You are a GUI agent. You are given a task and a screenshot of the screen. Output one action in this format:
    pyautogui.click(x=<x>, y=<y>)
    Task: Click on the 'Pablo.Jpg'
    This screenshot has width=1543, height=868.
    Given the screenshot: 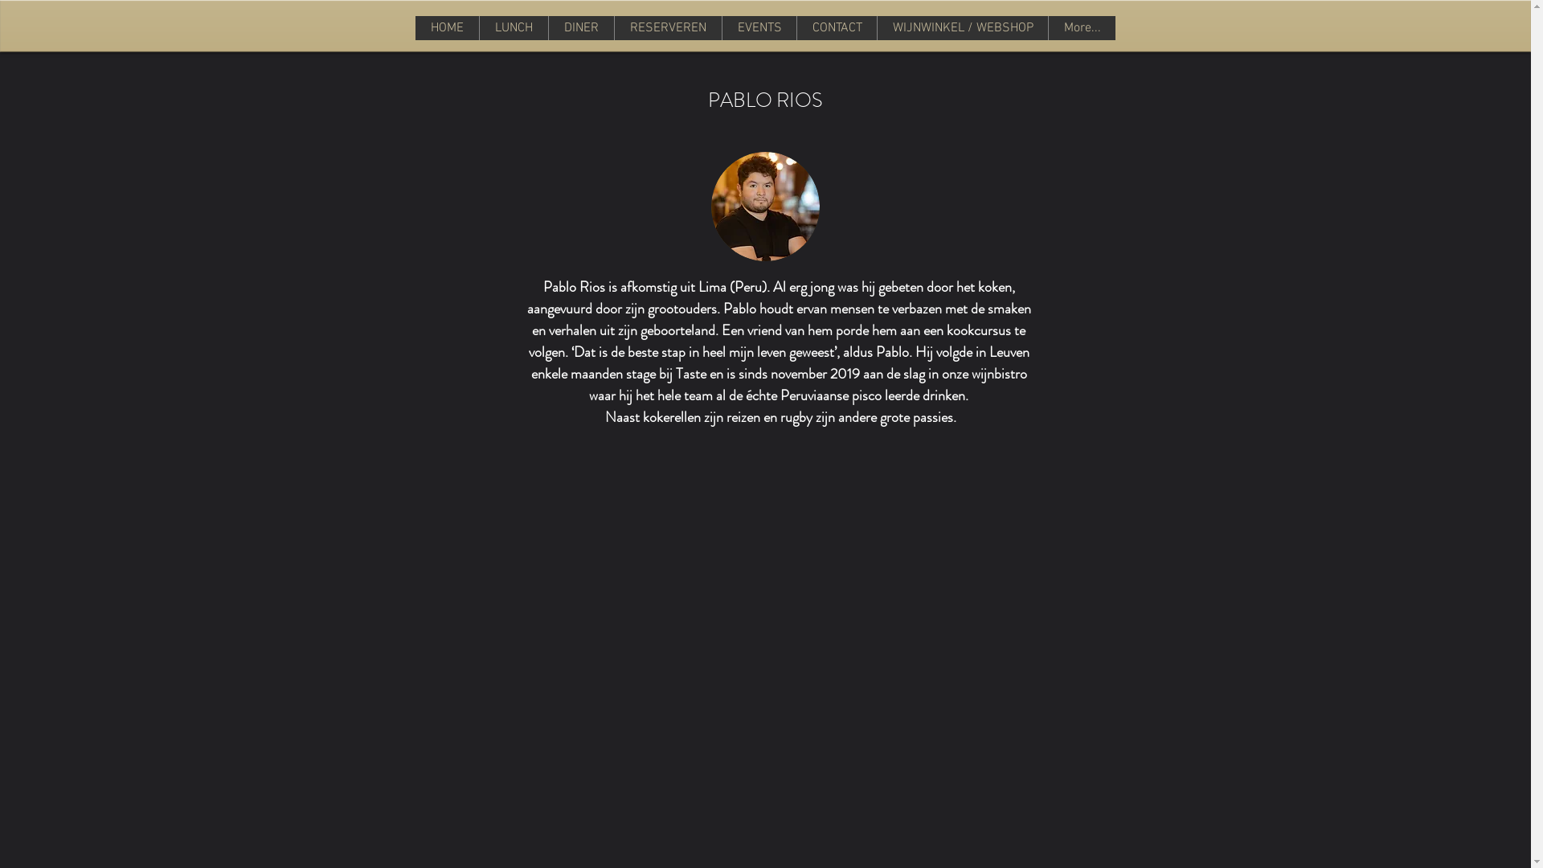 What is the action you would take?
    pyautogui.click(x=763, y=206)
    